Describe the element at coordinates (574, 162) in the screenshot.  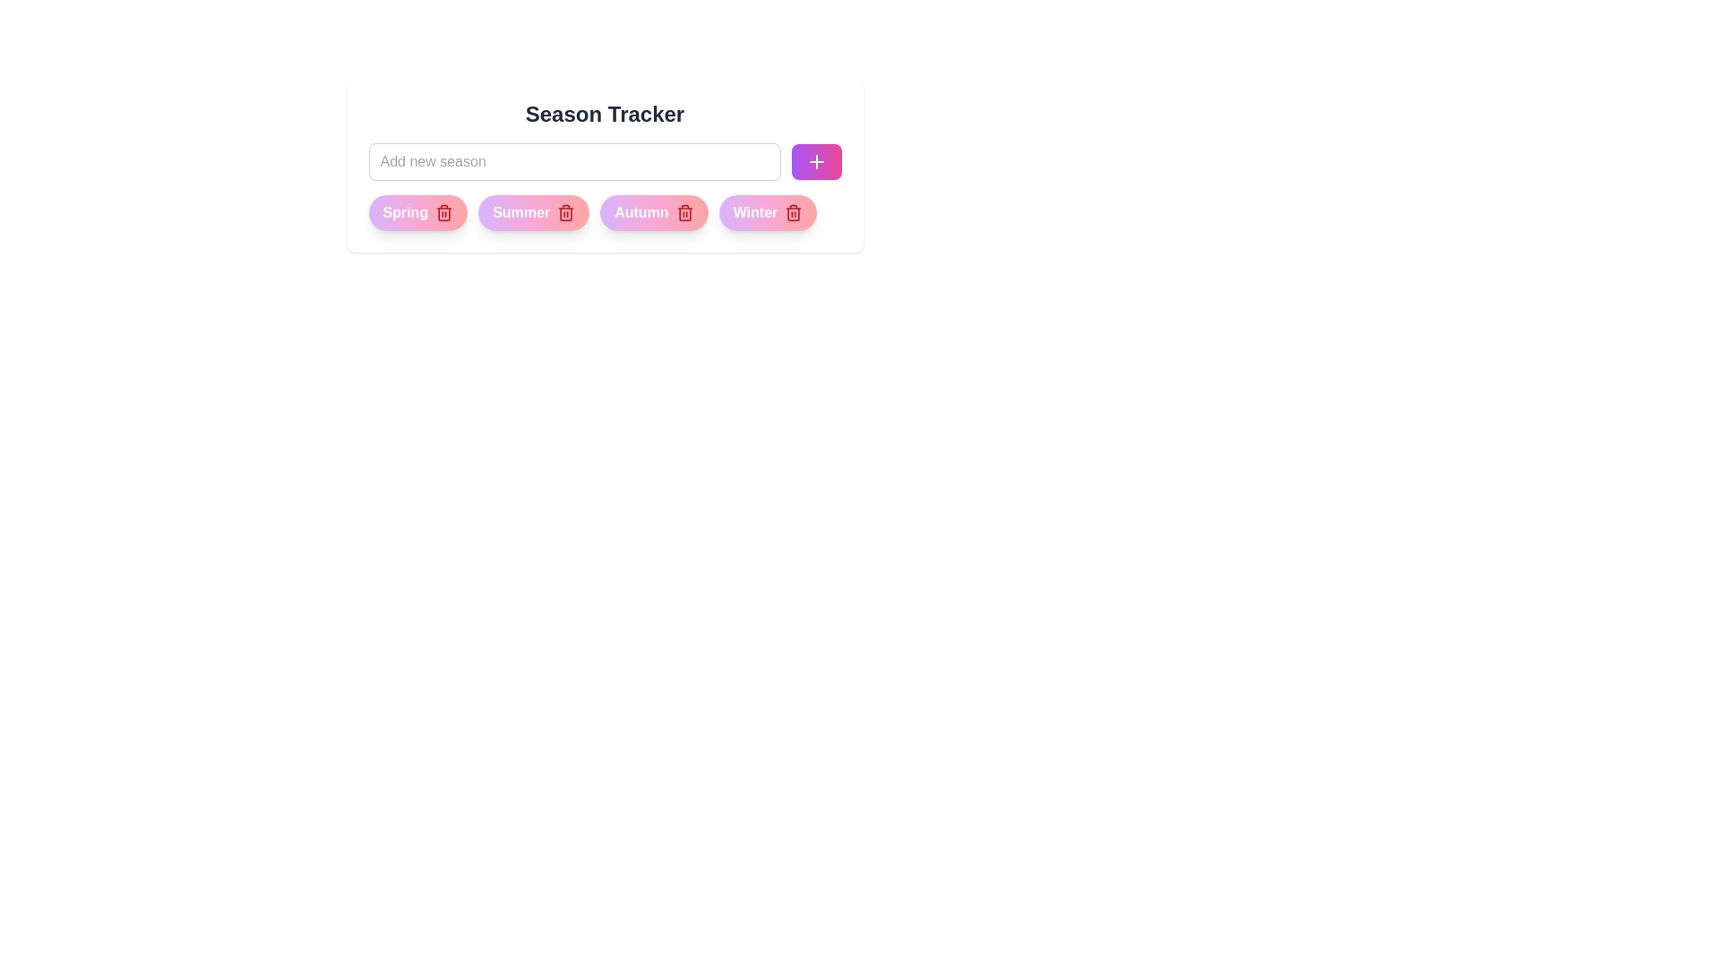
I see `the text in the input field to 87` at that location.